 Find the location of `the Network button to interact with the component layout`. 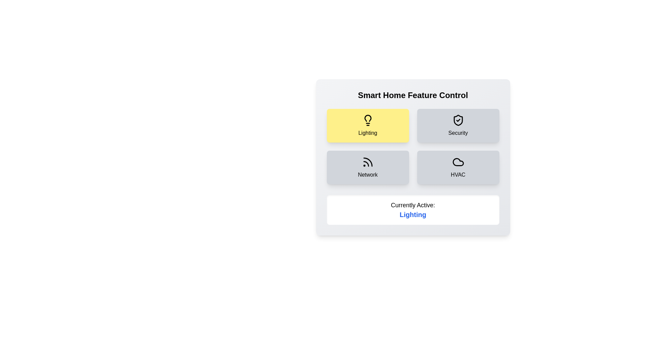

the Network button to interact with the component layout is located at coordinates (367, 167).